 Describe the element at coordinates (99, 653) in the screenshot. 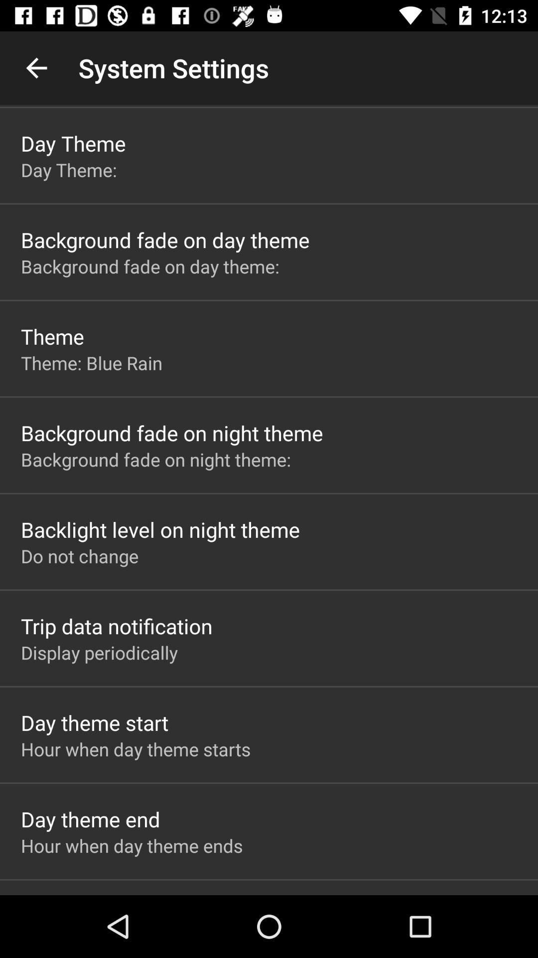

I see `item below the trip data notification` at that location.